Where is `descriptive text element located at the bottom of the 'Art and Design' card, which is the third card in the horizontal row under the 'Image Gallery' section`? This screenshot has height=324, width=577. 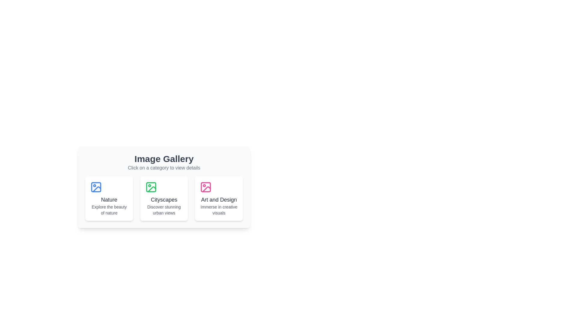
descriptive text element located at the bottom of the 'Art and Design' card, which is the third card in the horizontal row under the 'Image Gallery' section is located at coordinates (218, 209).